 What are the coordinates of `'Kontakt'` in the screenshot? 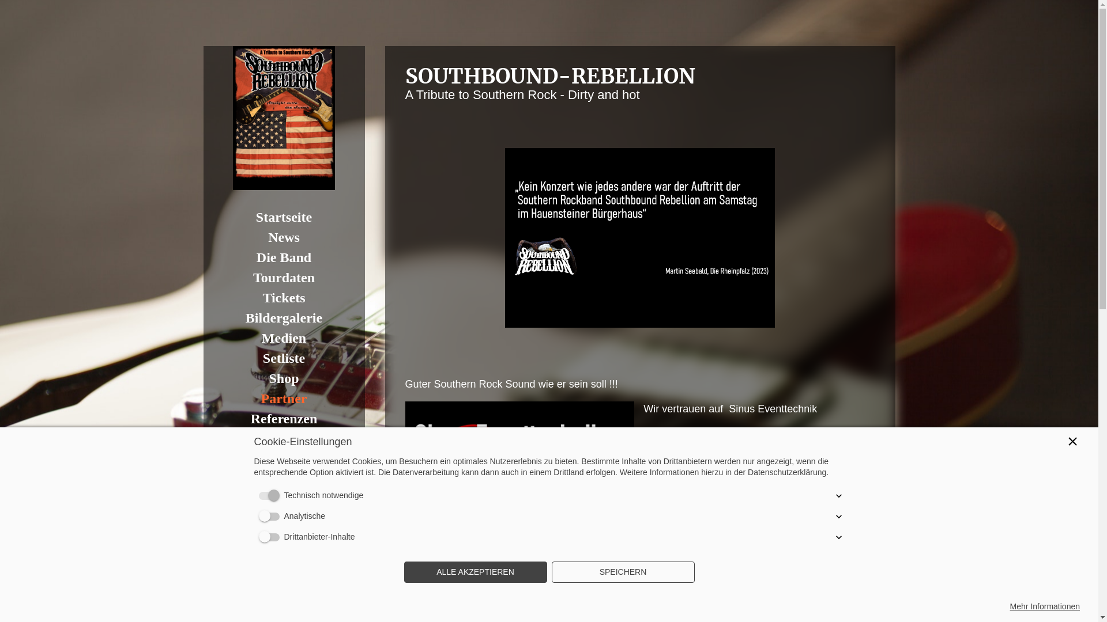 It's located at (283, 439).